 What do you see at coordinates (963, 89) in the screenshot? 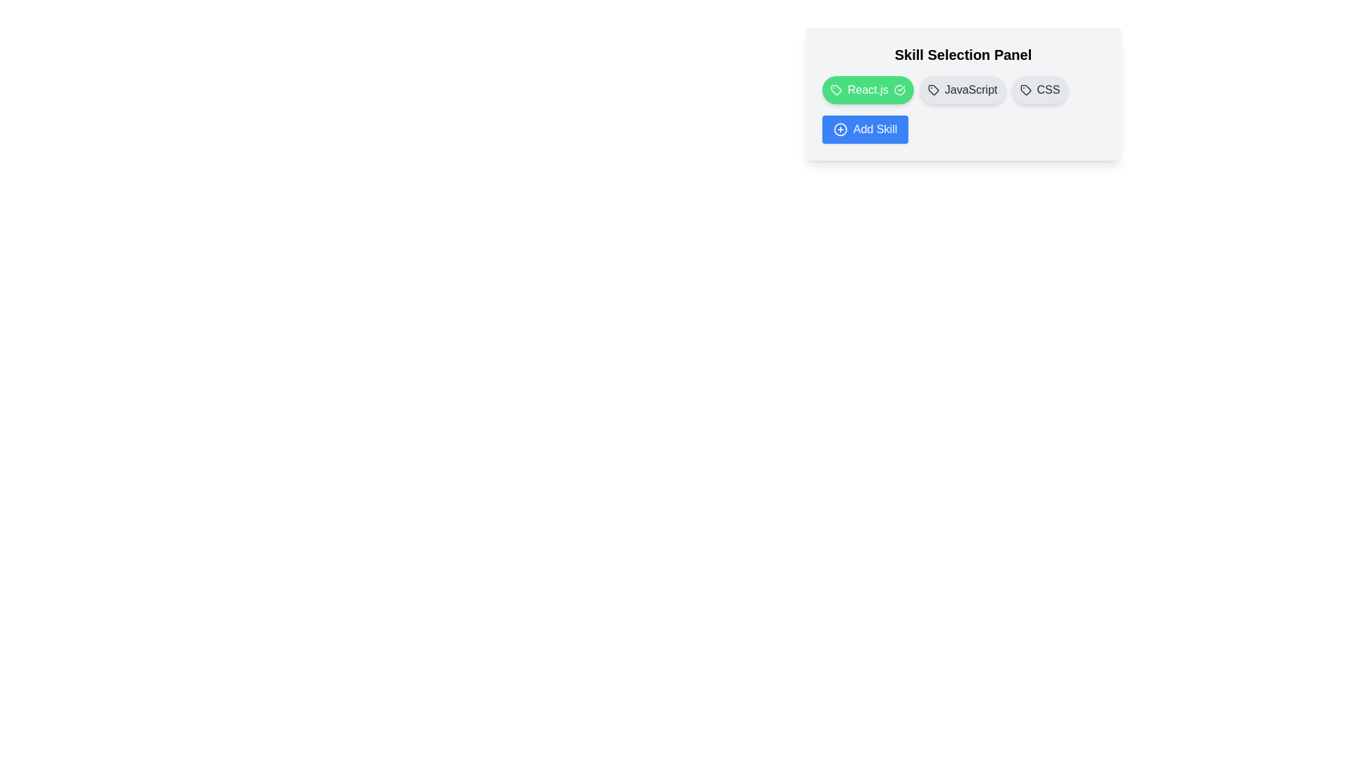
I see `the skill tag in the Tag Group located within the 'Skill Selection Panel' interface` at bounding box center [963, 89].